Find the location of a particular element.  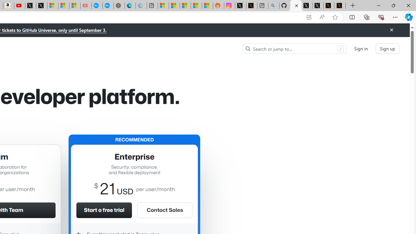

'The most popular Google ' is located at coordinates (108, 6).